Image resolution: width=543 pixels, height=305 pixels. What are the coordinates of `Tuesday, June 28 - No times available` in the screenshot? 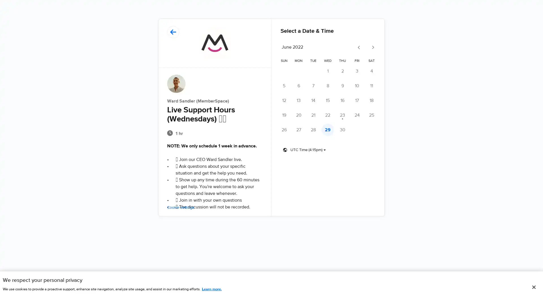 It's located at (313, 130).